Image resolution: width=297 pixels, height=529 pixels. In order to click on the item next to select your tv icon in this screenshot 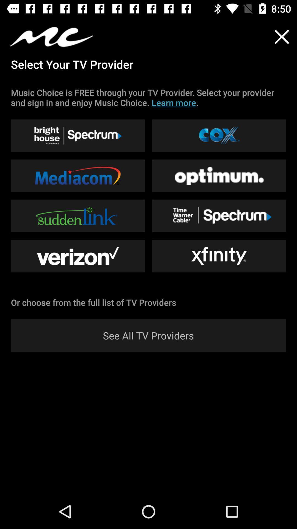, I will do `click(282, 36)`.